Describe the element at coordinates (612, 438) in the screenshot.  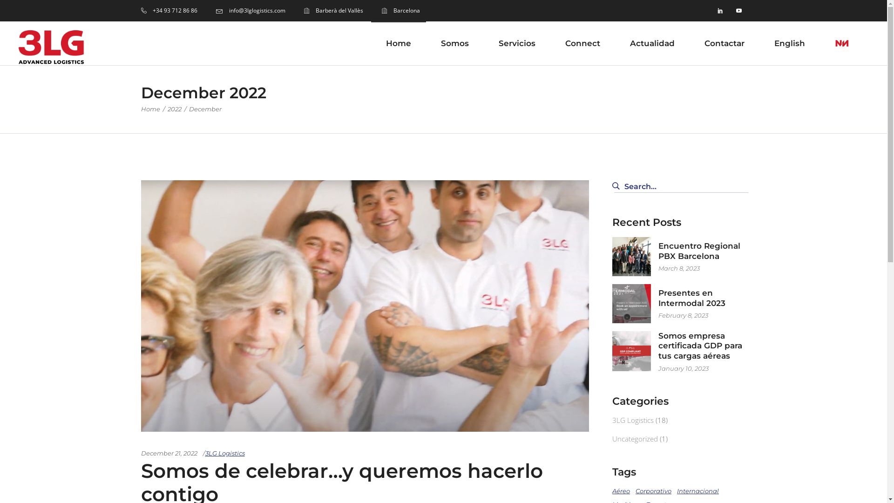
I see `'Uncategorized'` at that location.